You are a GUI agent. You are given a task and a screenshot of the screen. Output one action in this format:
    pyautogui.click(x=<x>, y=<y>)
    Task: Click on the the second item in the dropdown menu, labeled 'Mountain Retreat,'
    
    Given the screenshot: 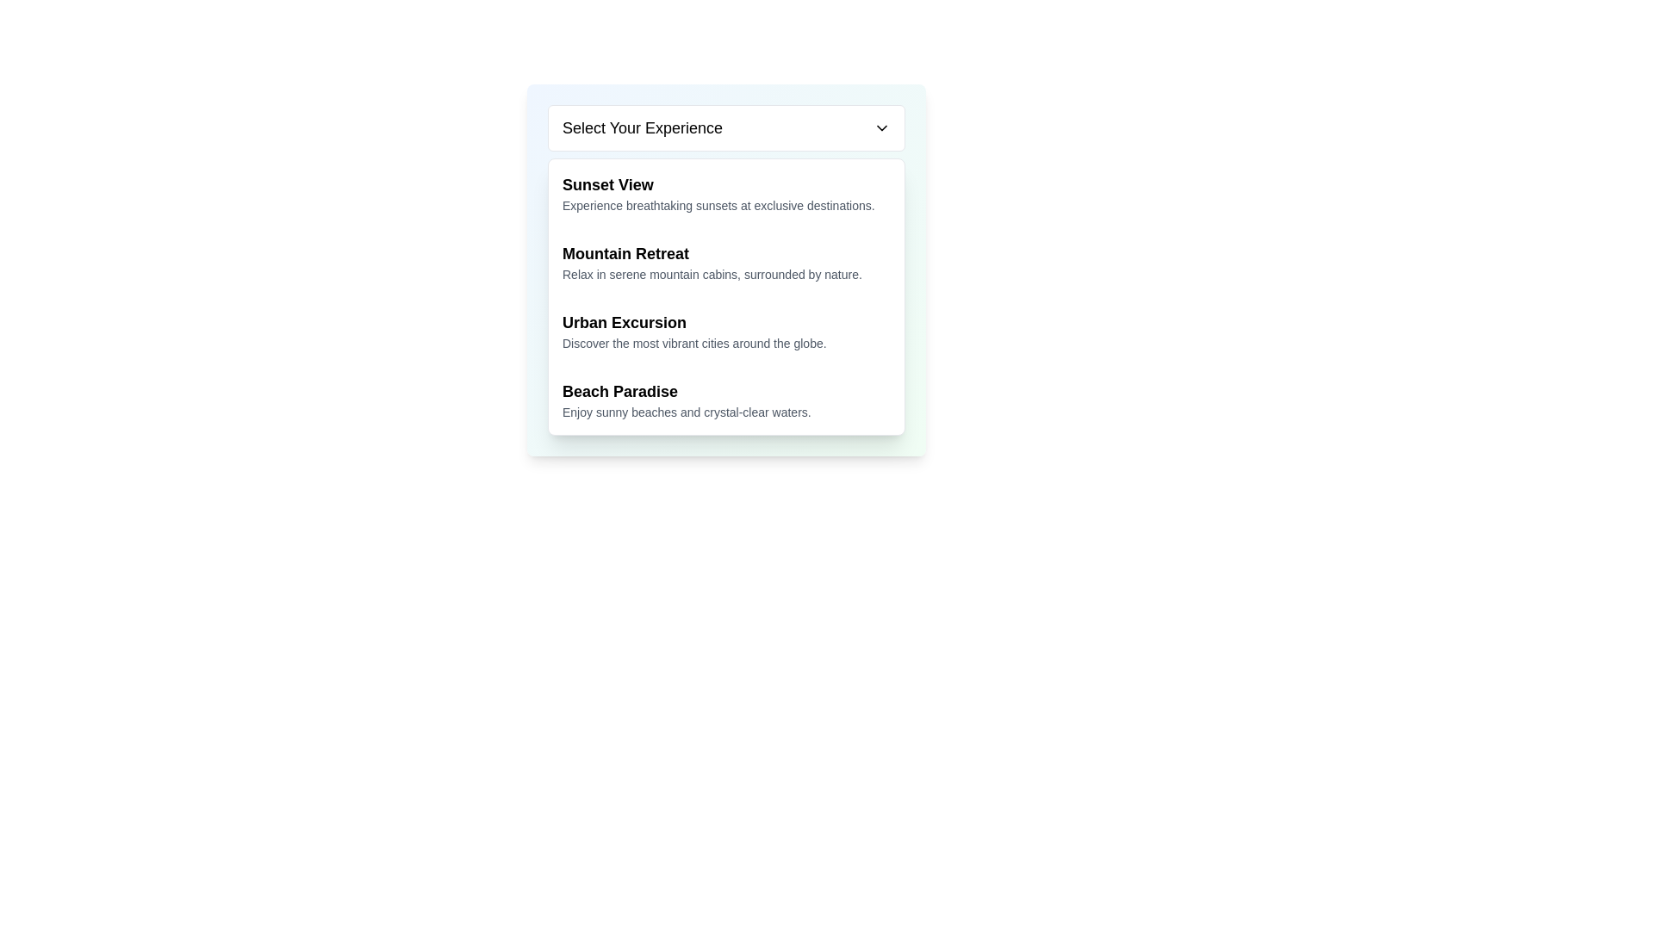 What is the action you would take?
    pyautogui.click(x=726, y=262)
    